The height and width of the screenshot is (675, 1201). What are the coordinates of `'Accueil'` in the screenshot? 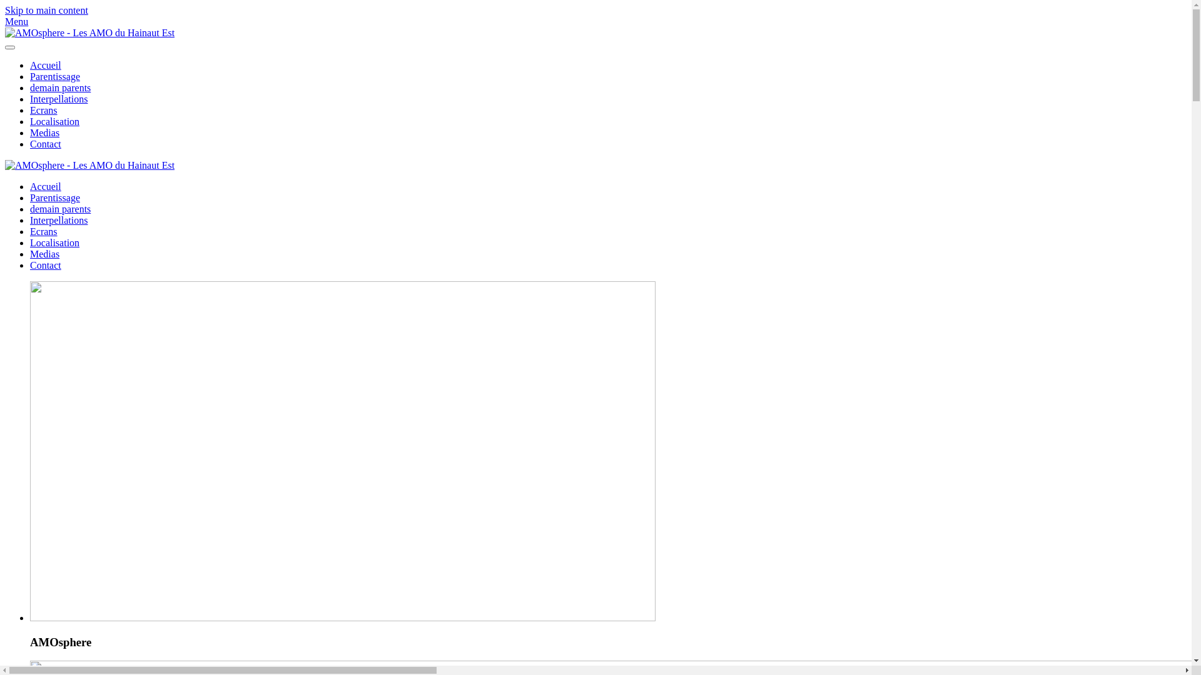 It's located at (45, 186).